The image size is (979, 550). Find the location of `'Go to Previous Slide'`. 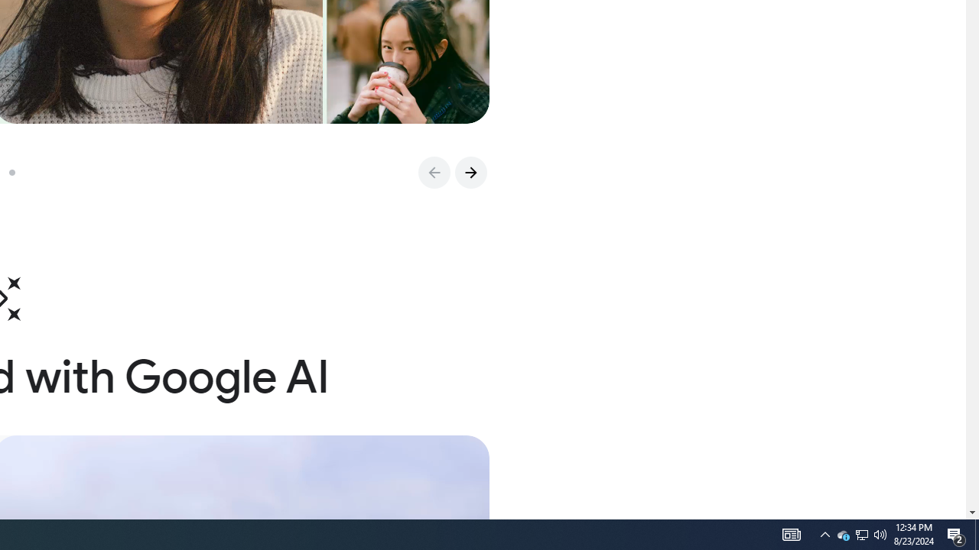

'Go to Previous Slide' is located at coordinates (433, 172).